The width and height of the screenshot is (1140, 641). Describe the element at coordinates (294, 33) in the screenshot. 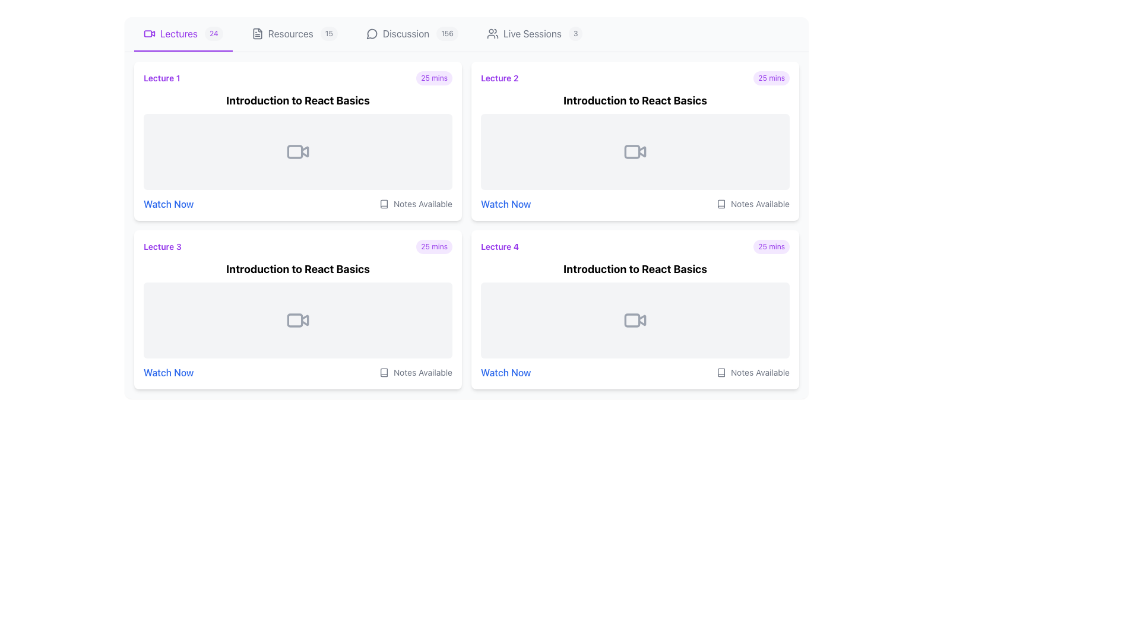

I see `the button that serves as a link for accessing resource materials, located as the second item in the navigation row at the top of the page` at that location.